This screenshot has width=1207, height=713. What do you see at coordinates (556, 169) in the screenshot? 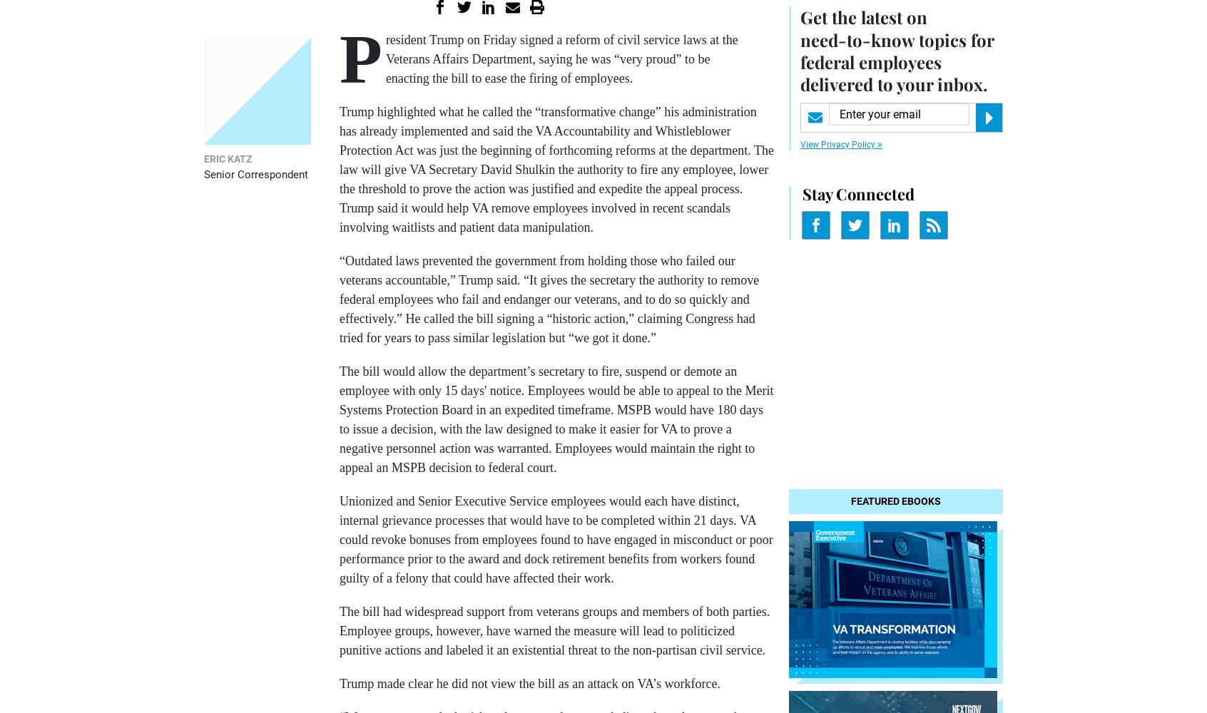
I see `'Trump highlighted what he called the “transformative change” his administration has already implemented and said the VA Accountability and Whistleblower Protection Act was just the beginning of forthcoming reforms at the department. The law will give VA Secretary David Shulkin the authority to fire any employee, lower the threshold to prove the action was justified and expedite the appeal process. Trump said it would help VA remove employees involved in recent scandals involving waitlists and patient data manipulation.'` at bounding box center [556, 169].